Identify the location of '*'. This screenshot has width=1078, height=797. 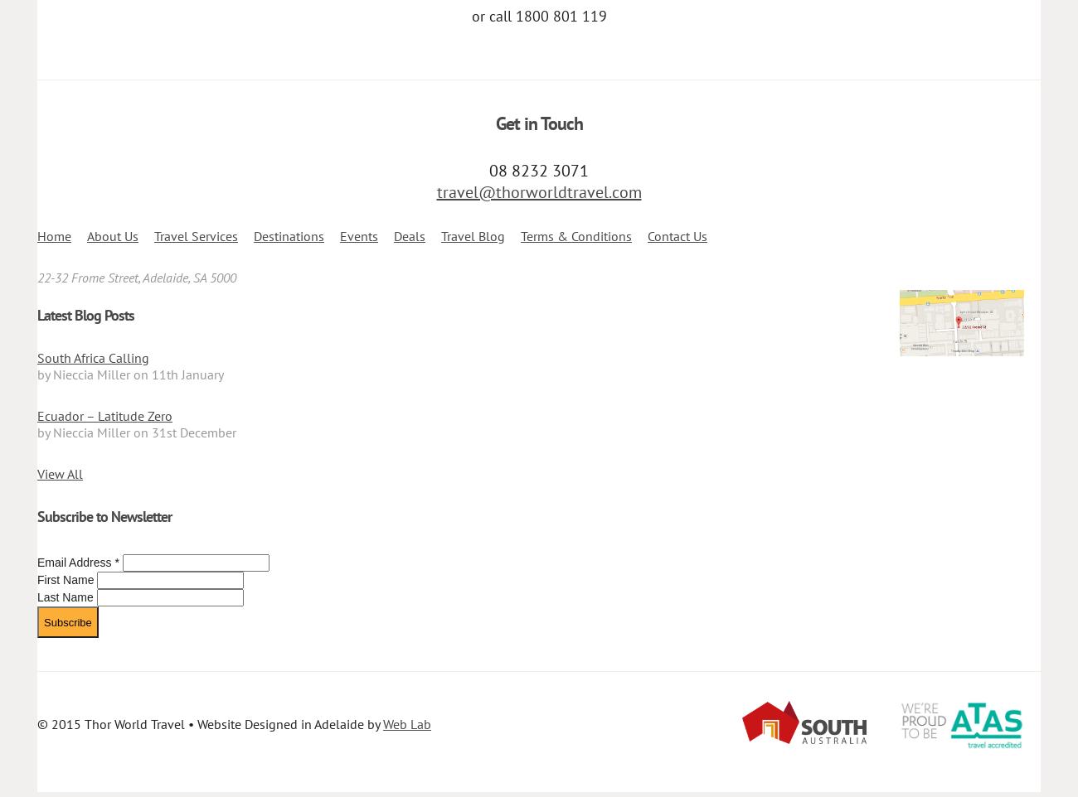
(114, 561).